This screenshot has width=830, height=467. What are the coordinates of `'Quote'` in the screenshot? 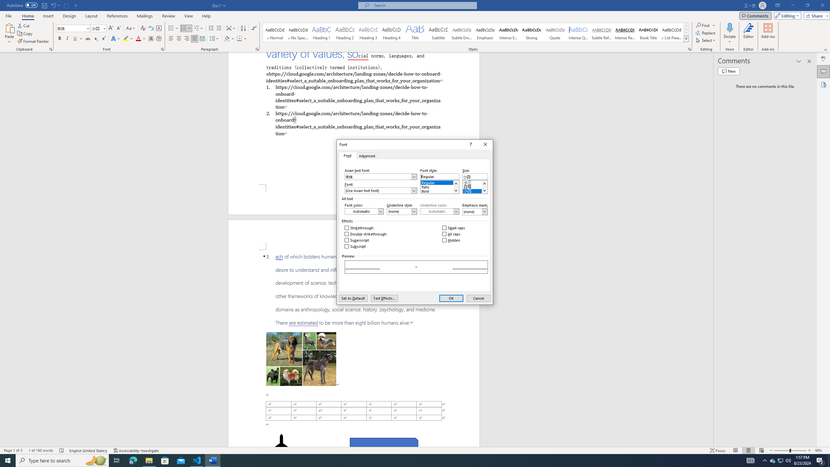 It's located at (555, 32).